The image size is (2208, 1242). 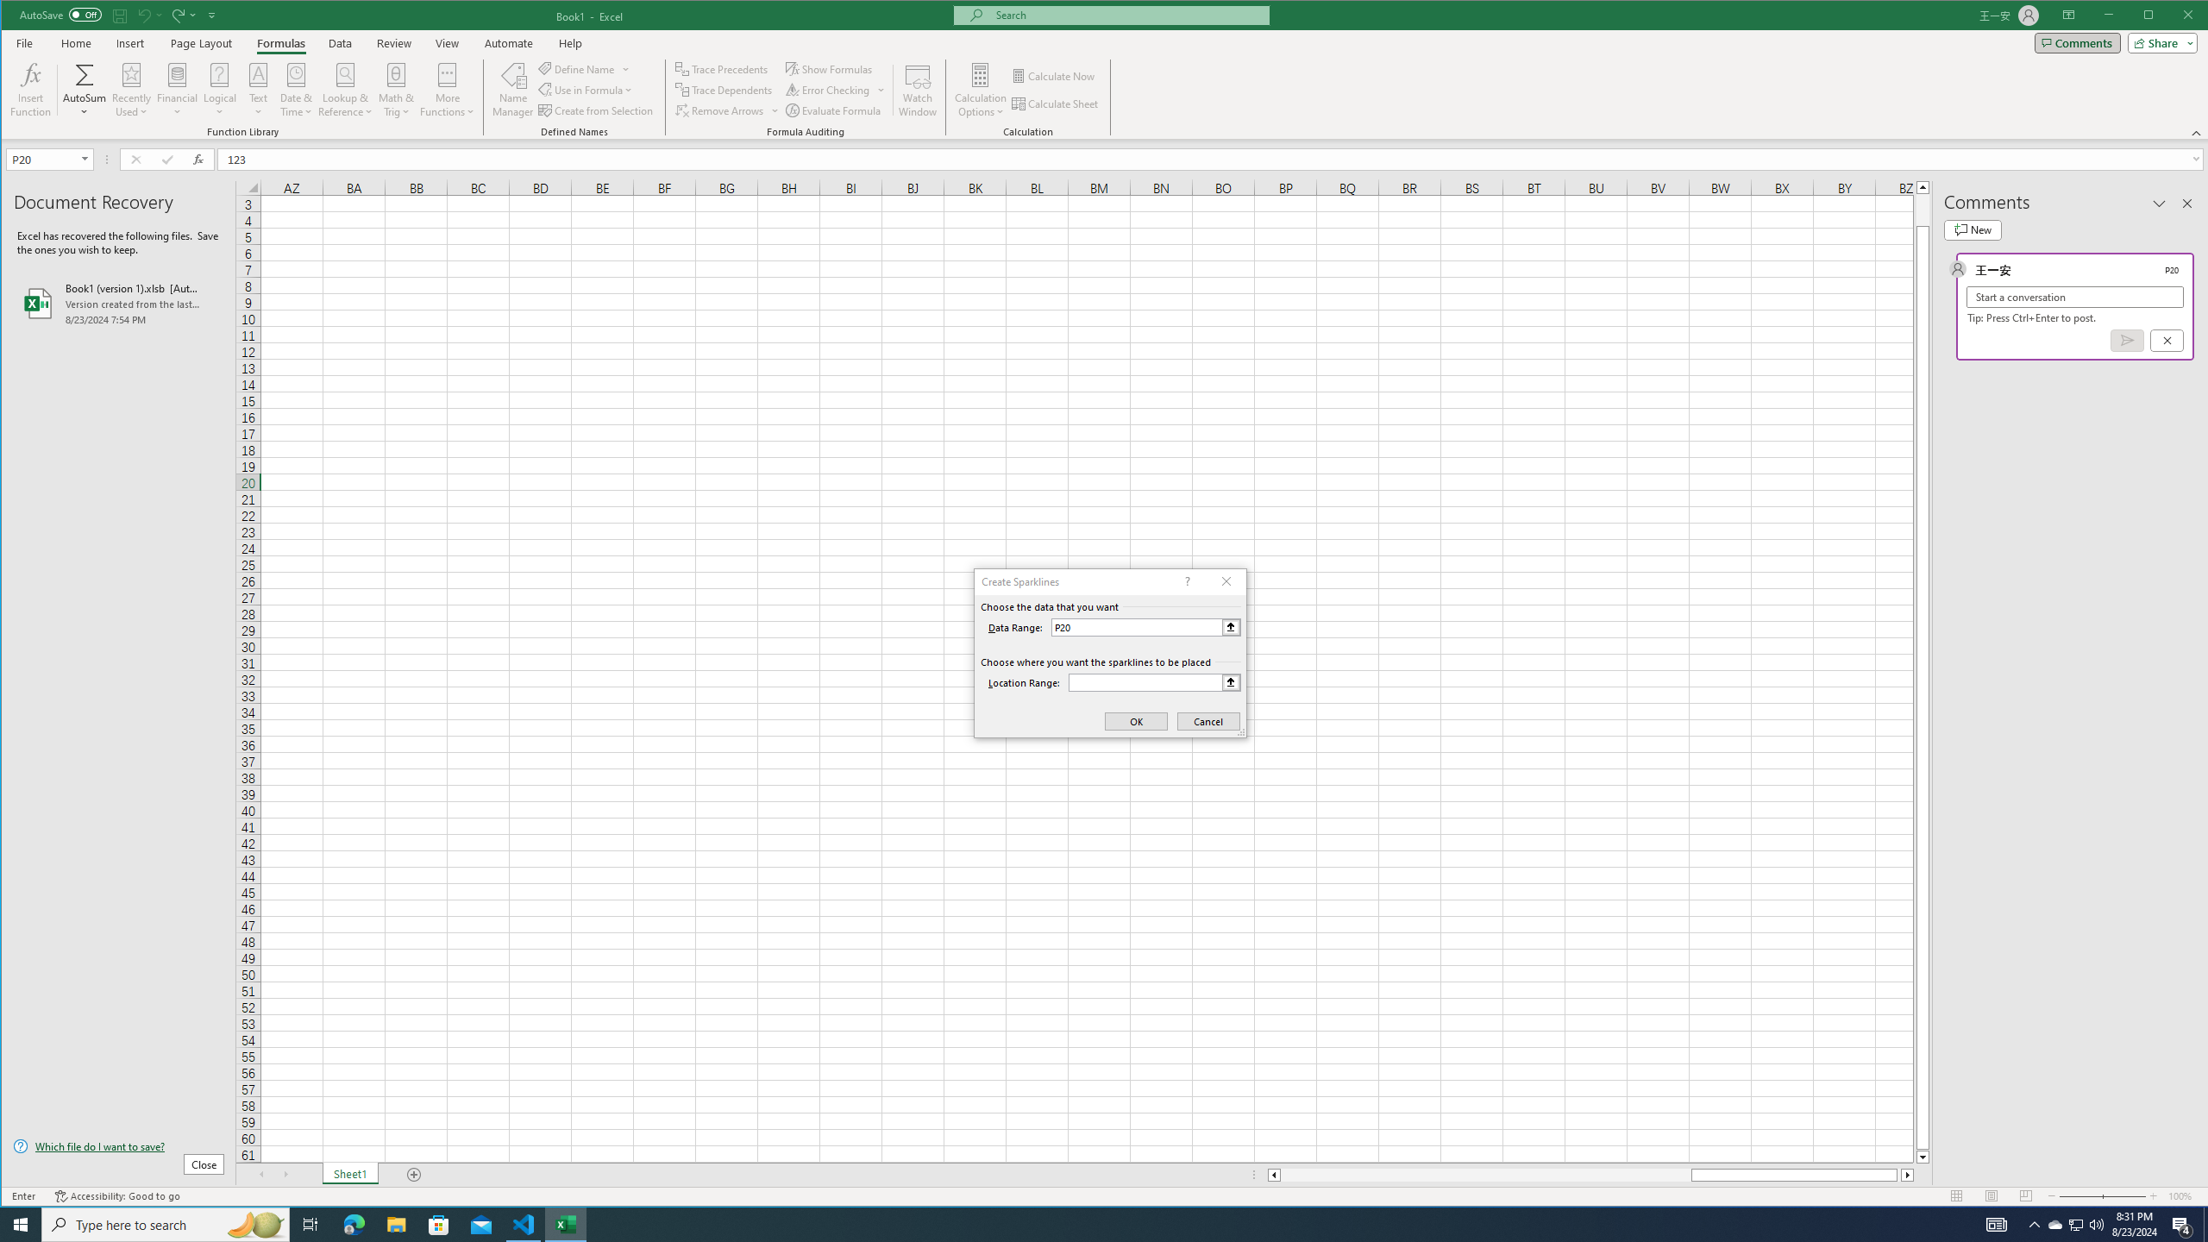 I want to click on 'Zoom', so click(x=2102, y=1195).